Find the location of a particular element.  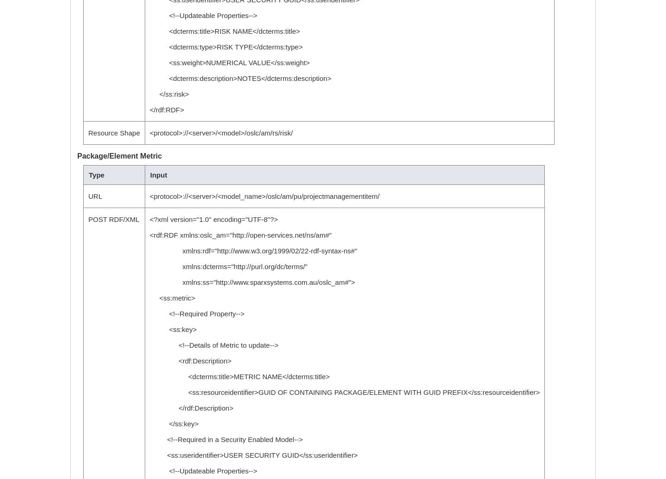

'xmlns:ss="http://www.sparxsystems.com.au/oslc_am#">' is located at coordinates (149, 282).